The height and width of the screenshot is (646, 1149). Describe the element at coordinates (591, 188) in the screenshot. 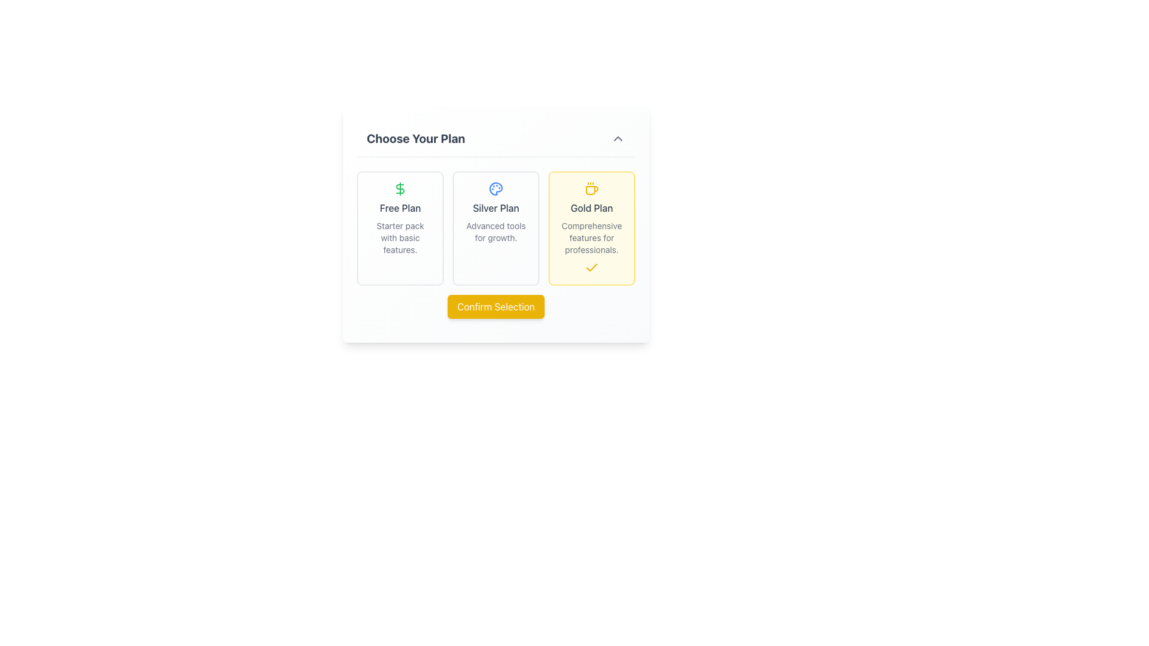

I see `the yellowish coffee mug icon representing the 'Gold Plan' located in the top center of the 'Gold Plan' selection area` at that location.